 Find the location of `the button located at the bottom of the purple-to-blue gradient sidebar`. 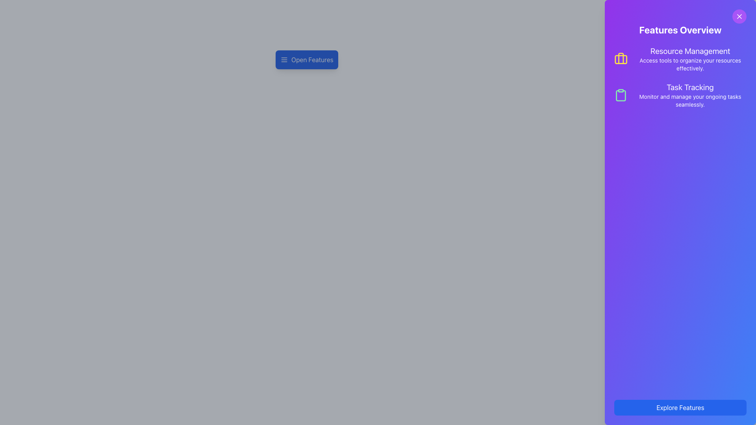

the button located at the bottom of the purple-to-blue gradient sidebar is located at coordinates (680, 407).